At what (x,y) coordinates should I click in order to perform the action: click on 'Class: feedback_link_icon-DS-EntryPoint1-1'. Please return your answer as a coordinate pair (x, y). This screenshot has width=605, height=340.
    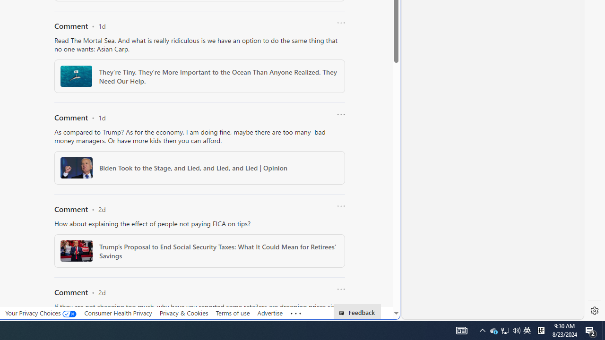
    Looking at the image, I should click on (343, 313).